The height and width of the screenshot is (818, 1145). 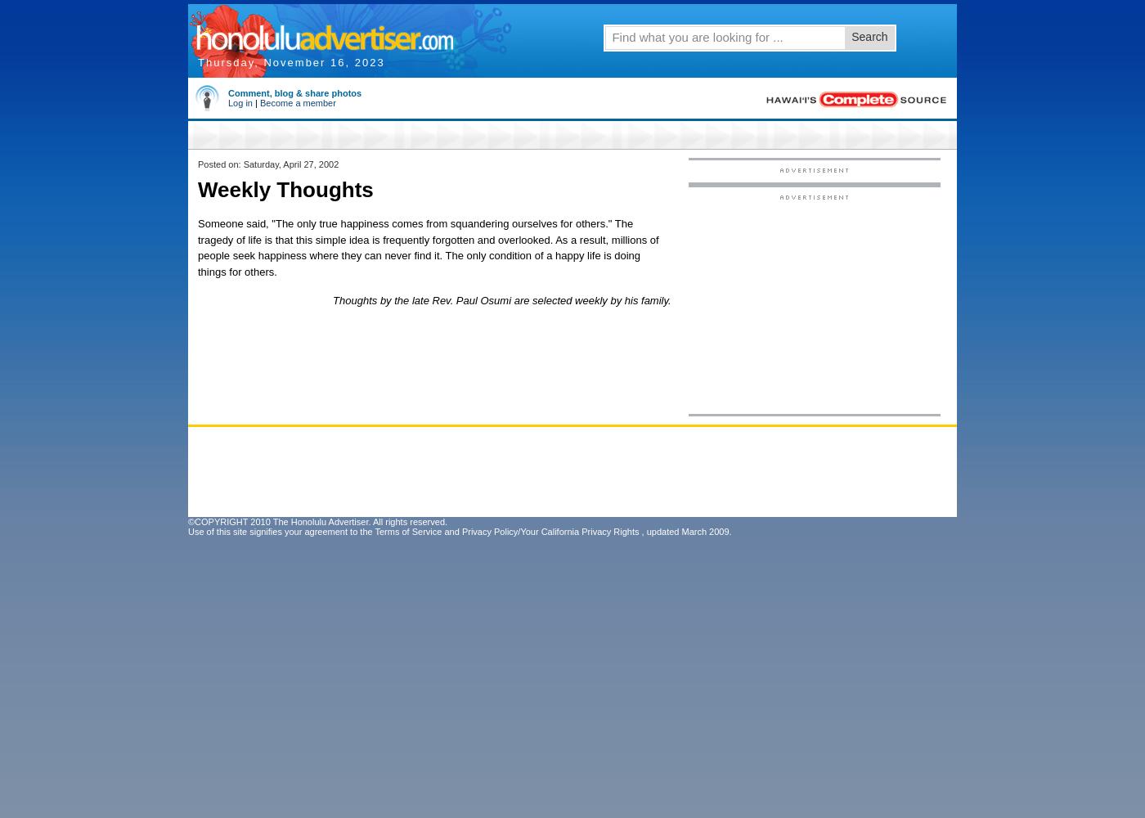 I want to click on 'Search', so click(x=851, y=37).